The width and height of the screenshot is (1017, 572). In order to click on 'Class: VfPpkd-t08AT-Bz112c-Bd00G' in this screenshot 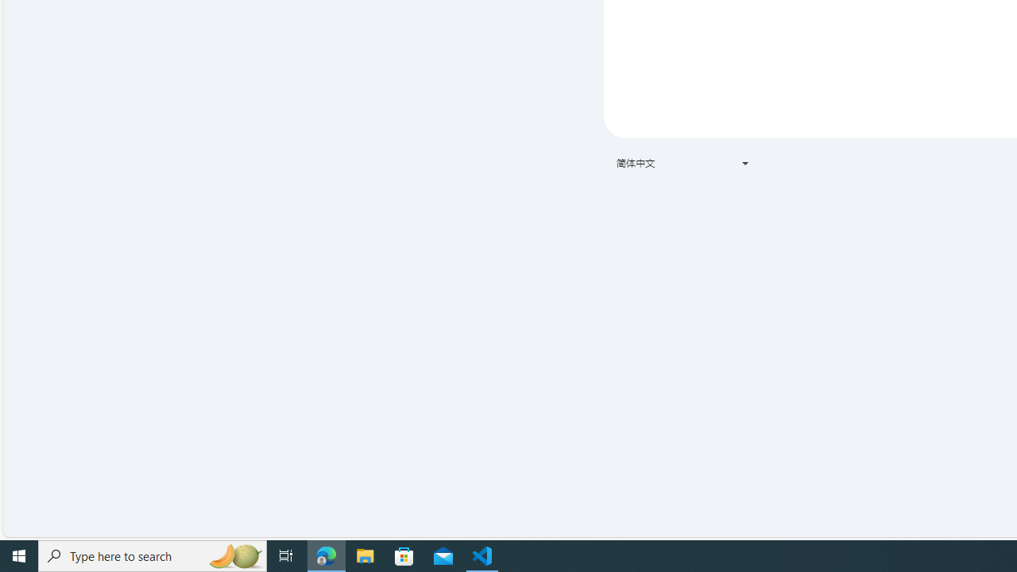, I will do `click(744, 163)`.